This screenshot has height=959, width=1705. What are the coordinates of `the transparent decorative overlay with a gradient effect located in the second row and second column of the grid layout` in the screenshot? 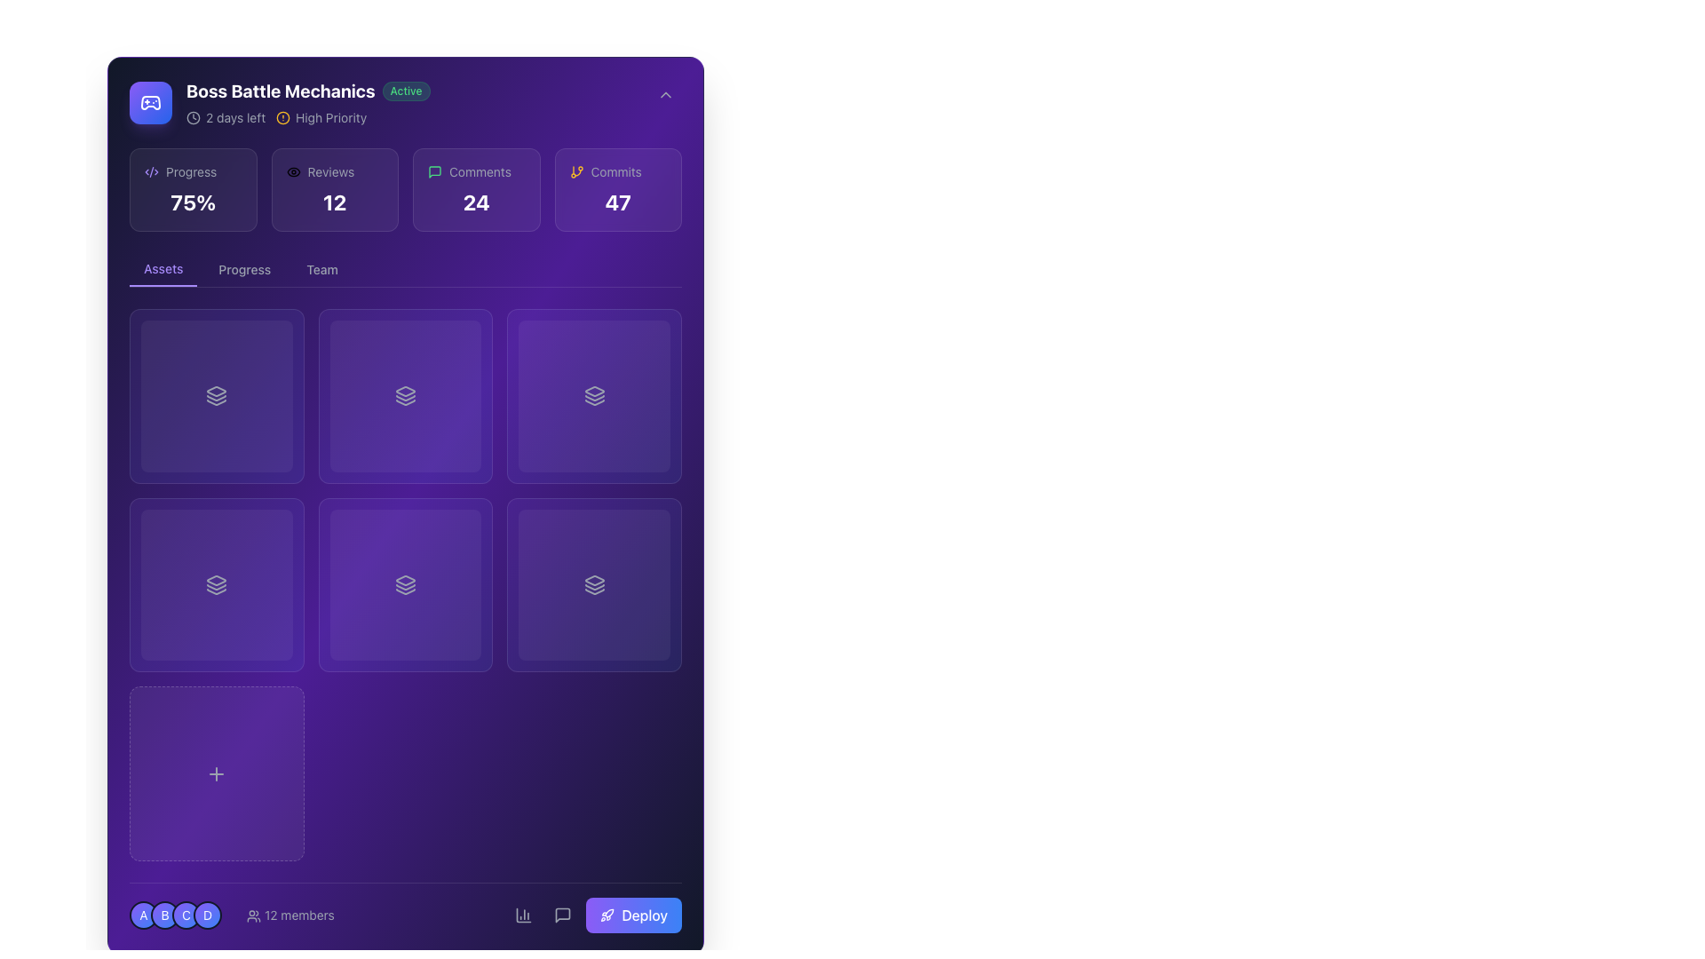 It's located at (404, 585).